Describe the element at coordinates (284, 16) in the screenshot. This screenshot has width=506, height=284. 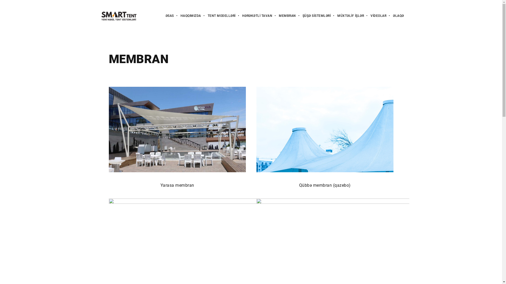
I see `'MEMBRAN'` at that location.